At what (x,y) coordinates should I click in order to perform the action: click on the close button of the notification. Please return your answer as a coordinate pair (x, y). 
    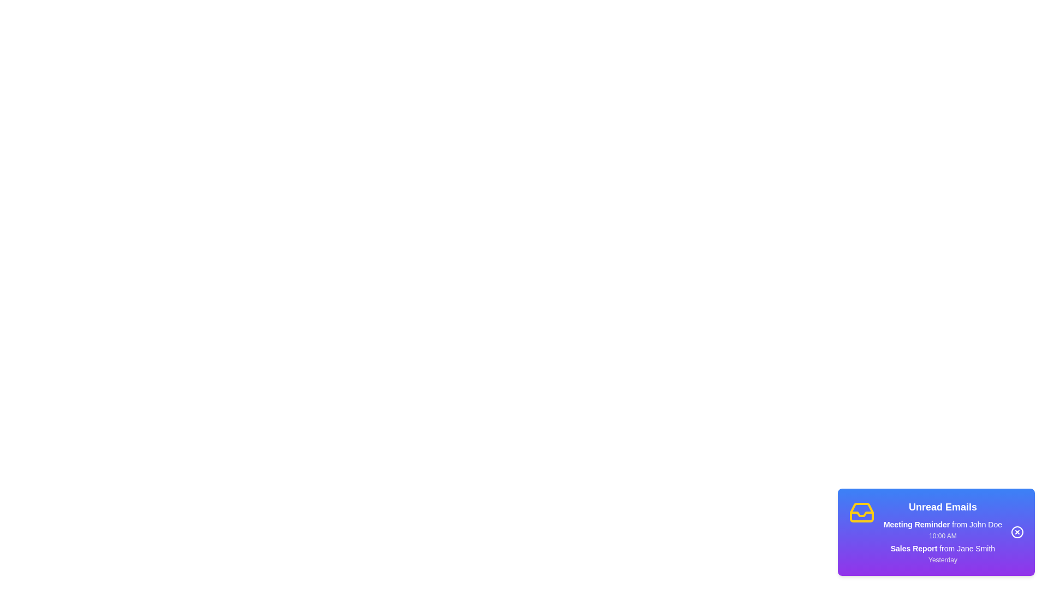
    Looking at the image, I should click on (1016, 531).